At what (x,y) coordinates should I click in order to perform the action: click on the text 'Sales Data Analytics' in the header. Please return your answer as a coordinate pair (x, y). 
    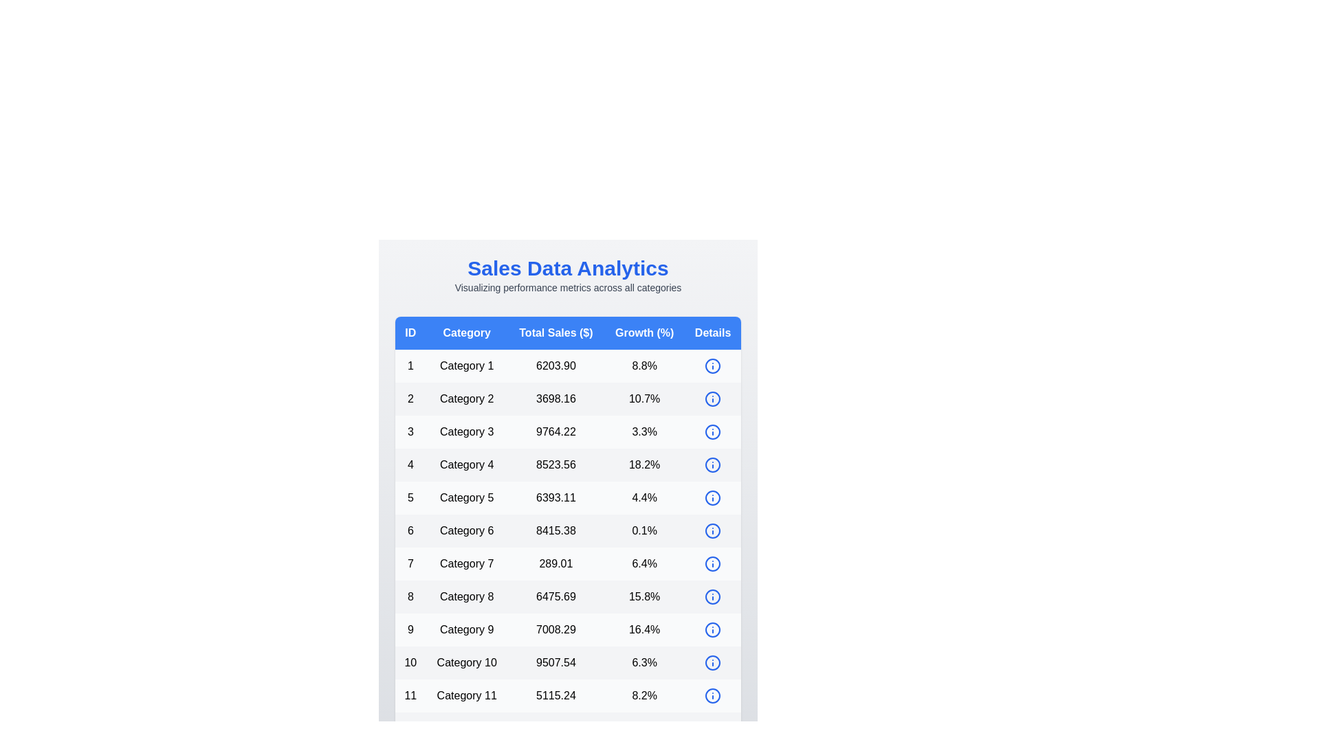
    Looking at the image, I should click on (568, 268).